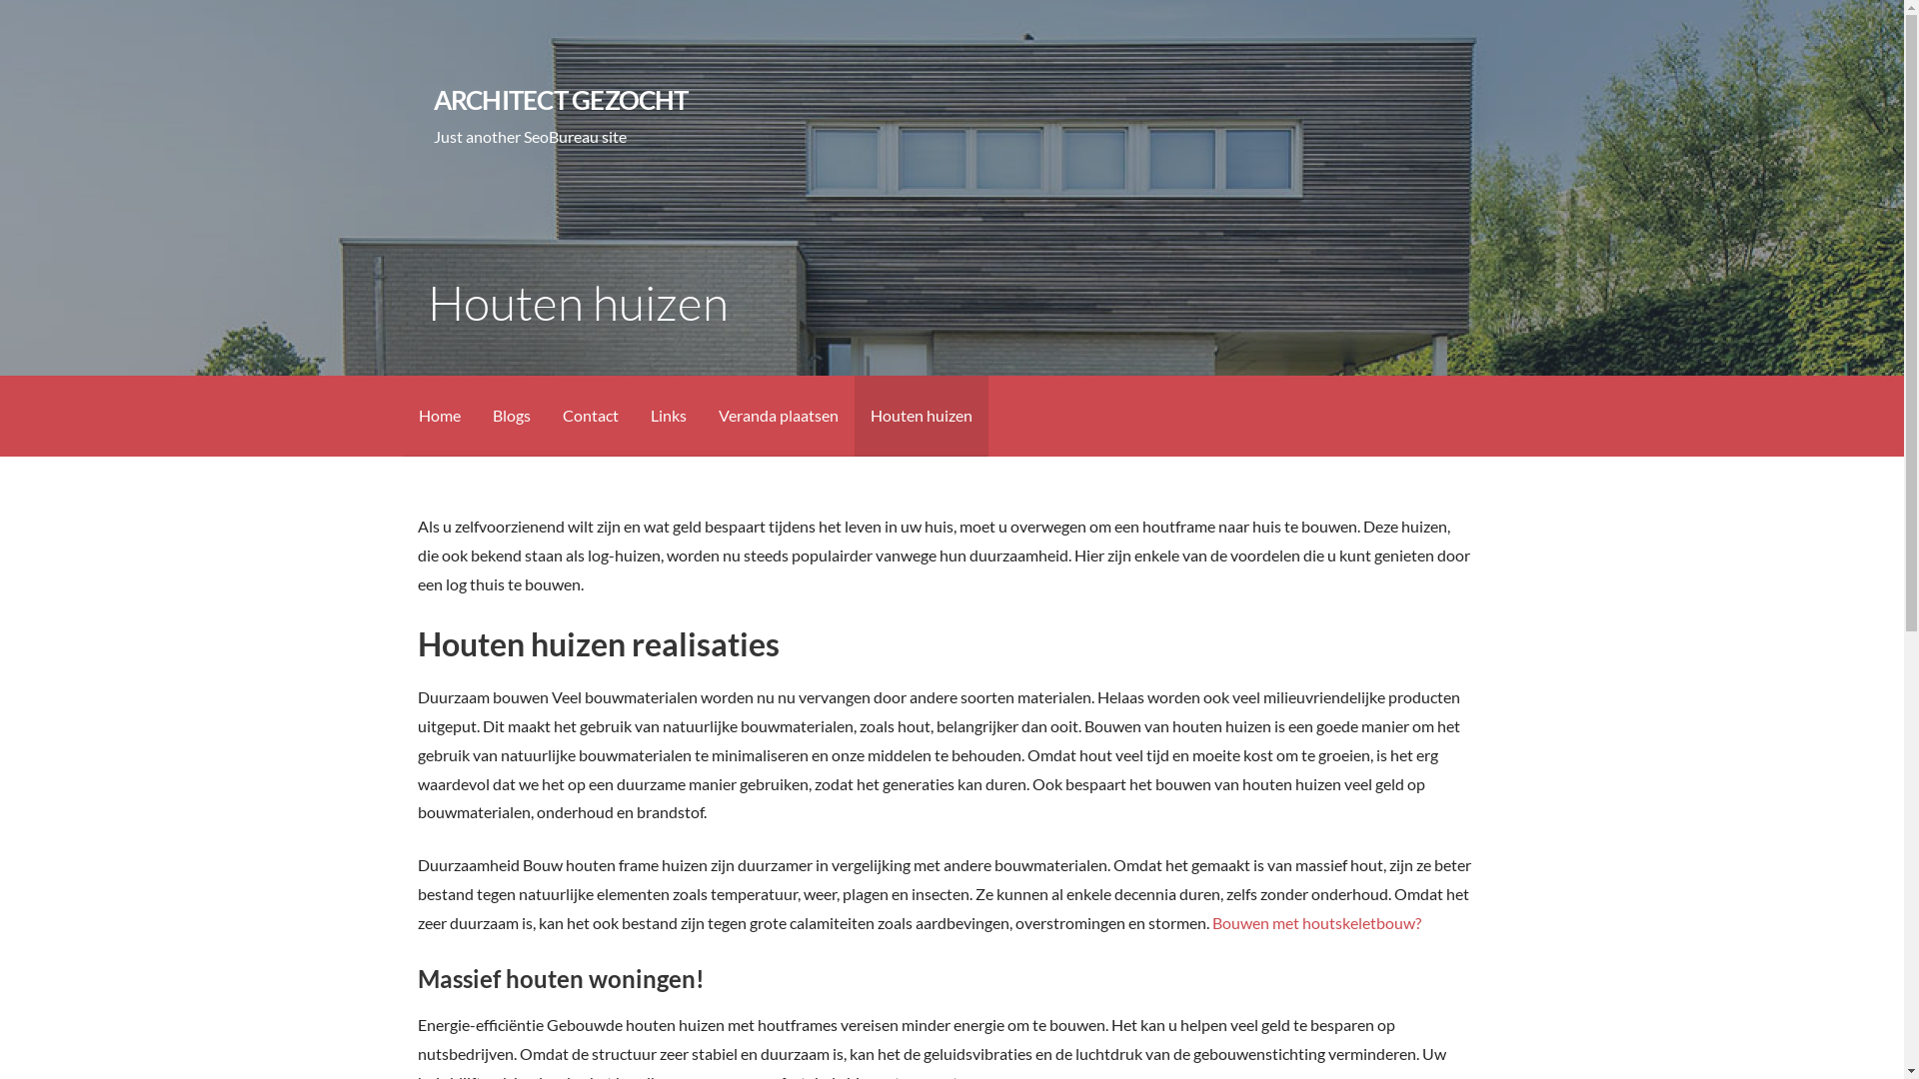  What do you see at coordinates (667, 415) in the screenshot?
I see `'Links'` at bounding box center [667, 415].